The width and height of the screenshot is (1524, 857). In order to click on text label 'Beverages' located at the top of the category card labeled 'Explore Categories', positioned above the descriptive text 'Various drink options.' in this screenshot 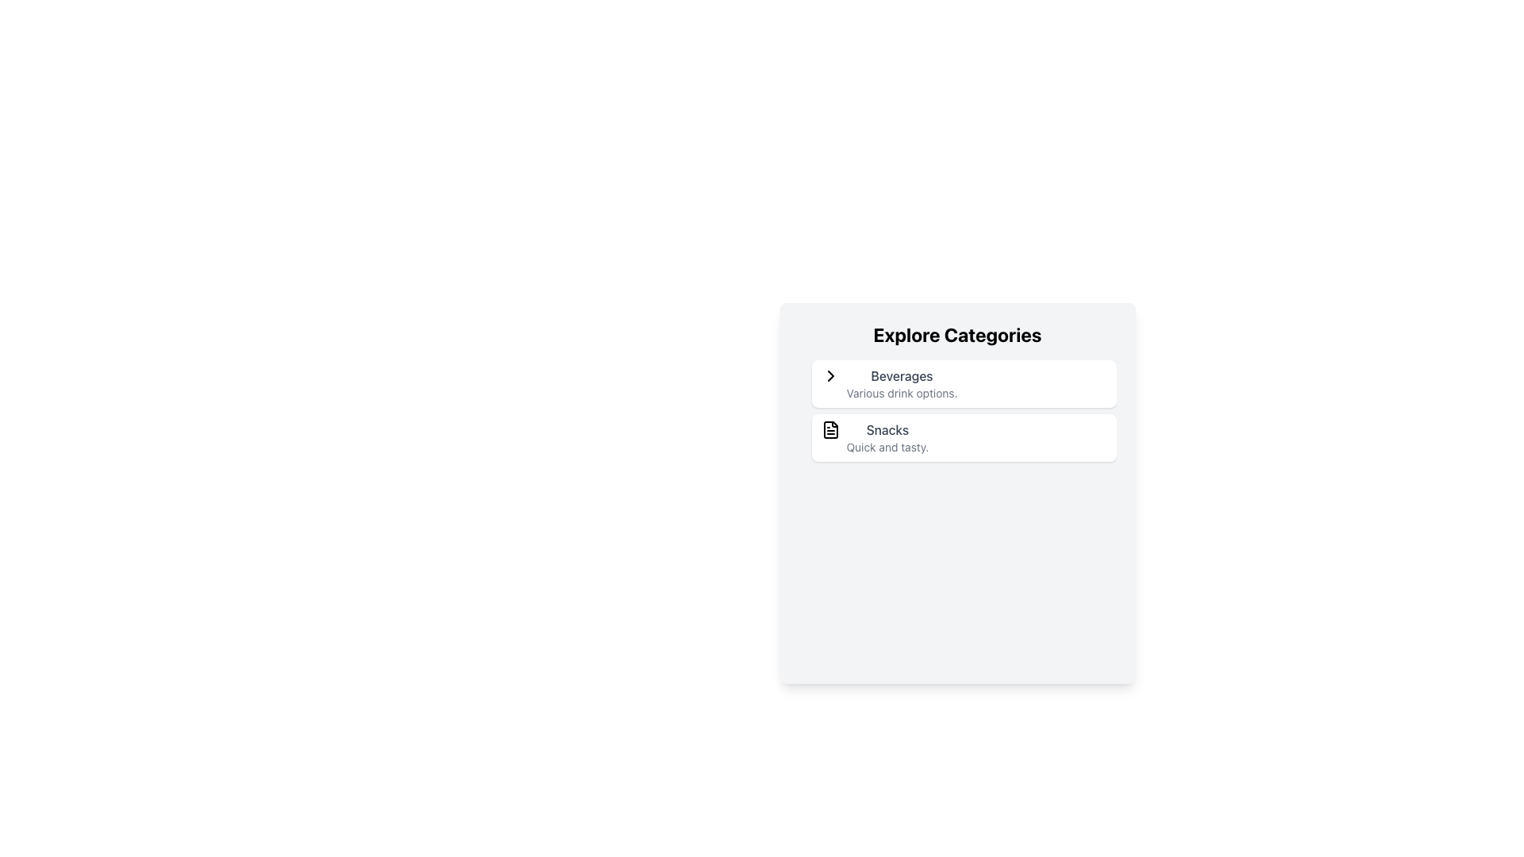, I will do `click(902, 376)`.